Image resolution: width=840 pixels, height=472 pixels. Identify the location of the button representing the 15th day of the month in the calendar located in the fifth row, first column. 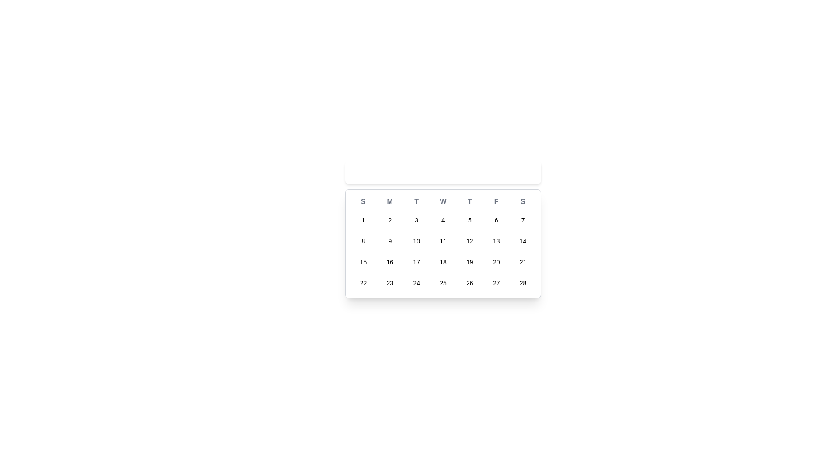
(363, 262).